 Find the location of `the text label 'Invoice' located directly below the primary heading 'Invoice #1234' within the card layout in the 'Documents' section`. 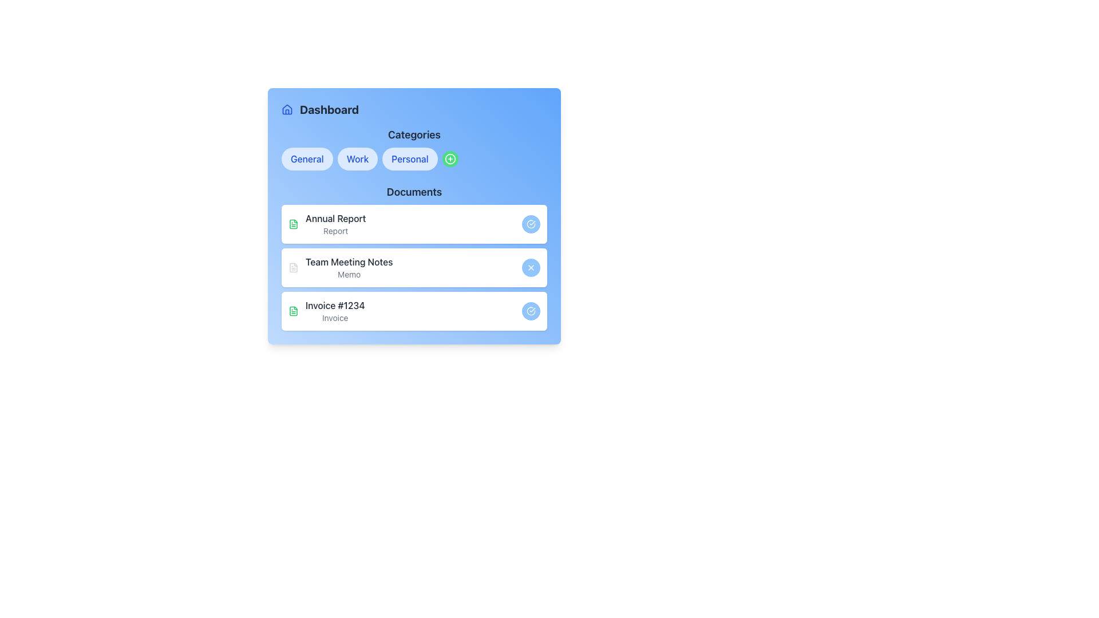

the text label 'Invoice' located directly below the primary heading 'Invoice #1234' within the card layout in the 'Documents' section is located at coordinates (334, 318).